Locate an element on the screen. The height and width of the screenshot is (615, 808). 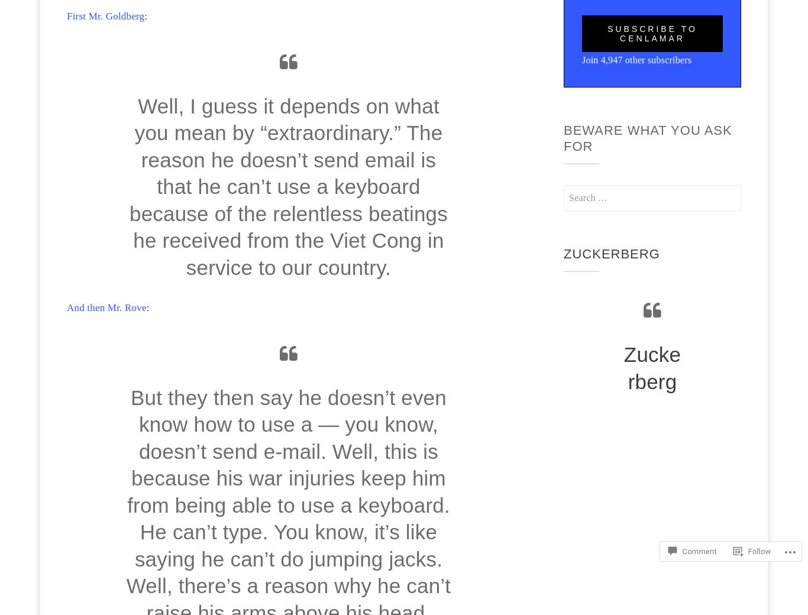
'But they then say he doesn’t even know how to use a — you know, doesn’t send e-mail. Well, this is because his war injuries keep him from being able to use a keyboard. He can’t type. You know, it’s like saying he can’t do jumping jacks.' is located at coordinates (127, 477).